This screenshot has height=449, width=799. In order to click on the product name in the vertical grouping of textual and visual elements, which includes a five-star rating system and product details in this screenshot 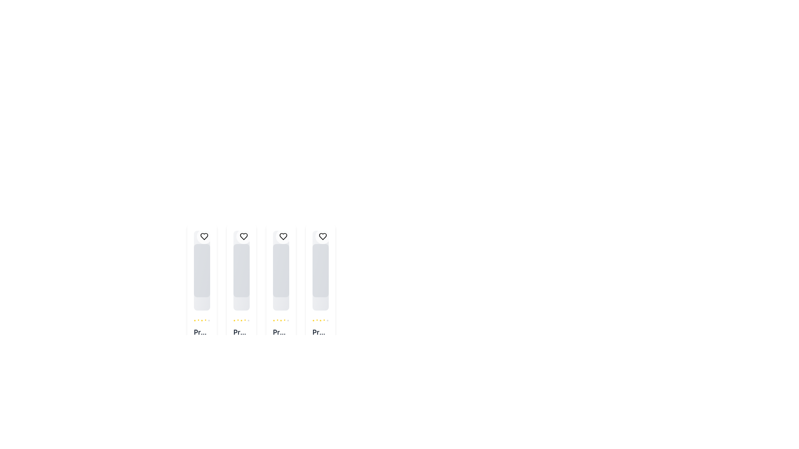, I will do `click(281, 342)`.